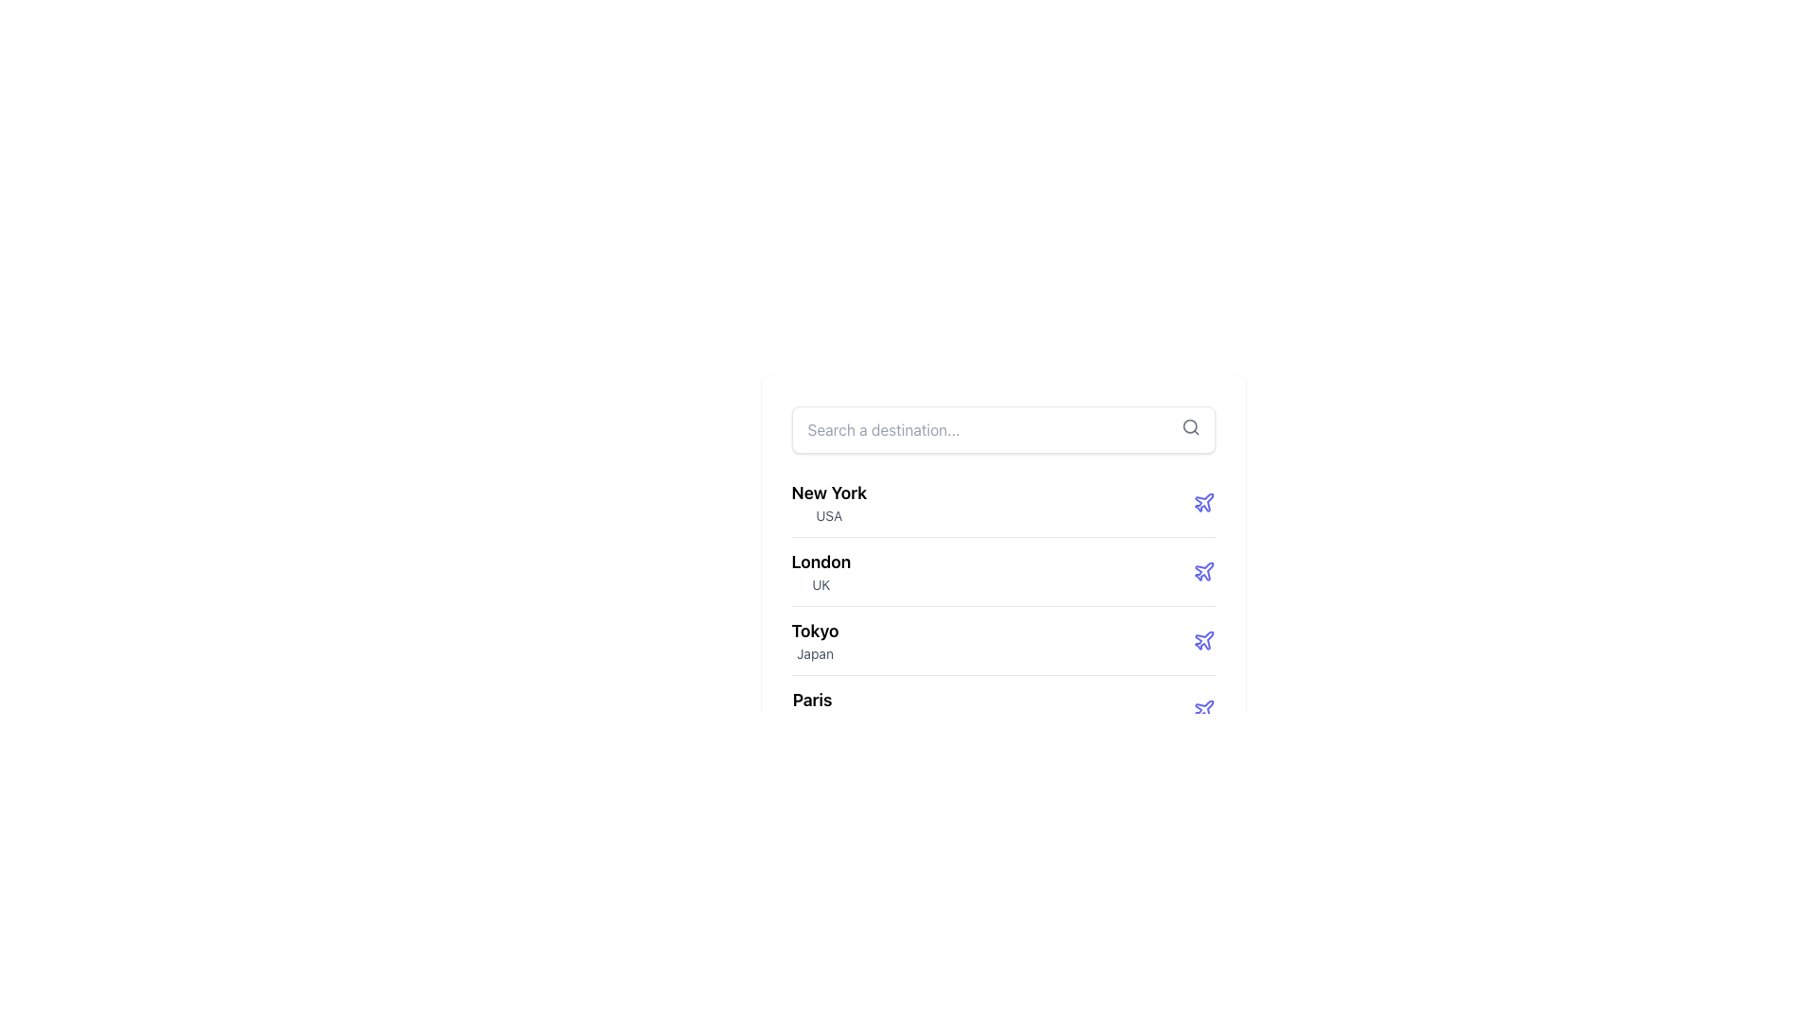 This screenshot has height=1021, width=1815. Describe the element at coordinates (829, 502) in the screenshot. I see `the first item in the selectable list, which displays 'New York' in bold and larger font, followed by 'USA' in a lighter gray and smaller font` at that location.